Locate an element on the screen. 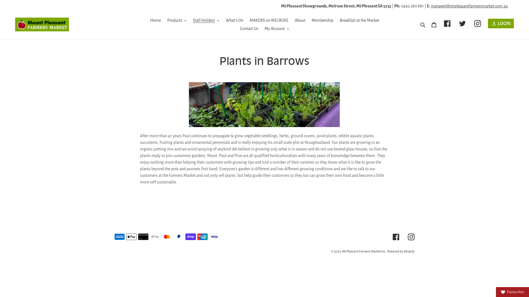  'Home' is located at coordinates (155, 20).